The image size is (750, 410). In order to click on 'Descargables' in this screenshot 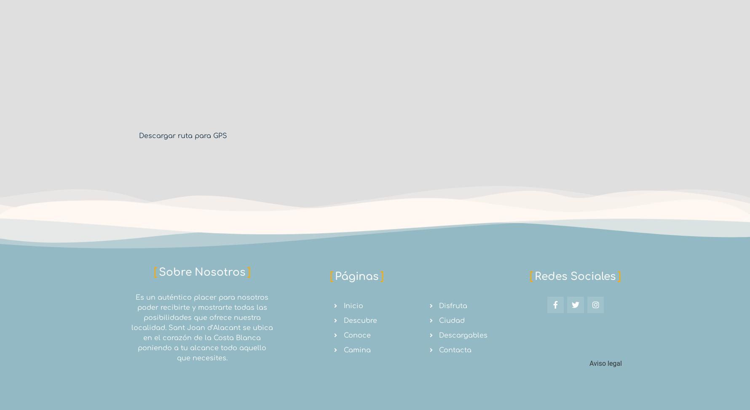, I will do `click(463, 334)`.